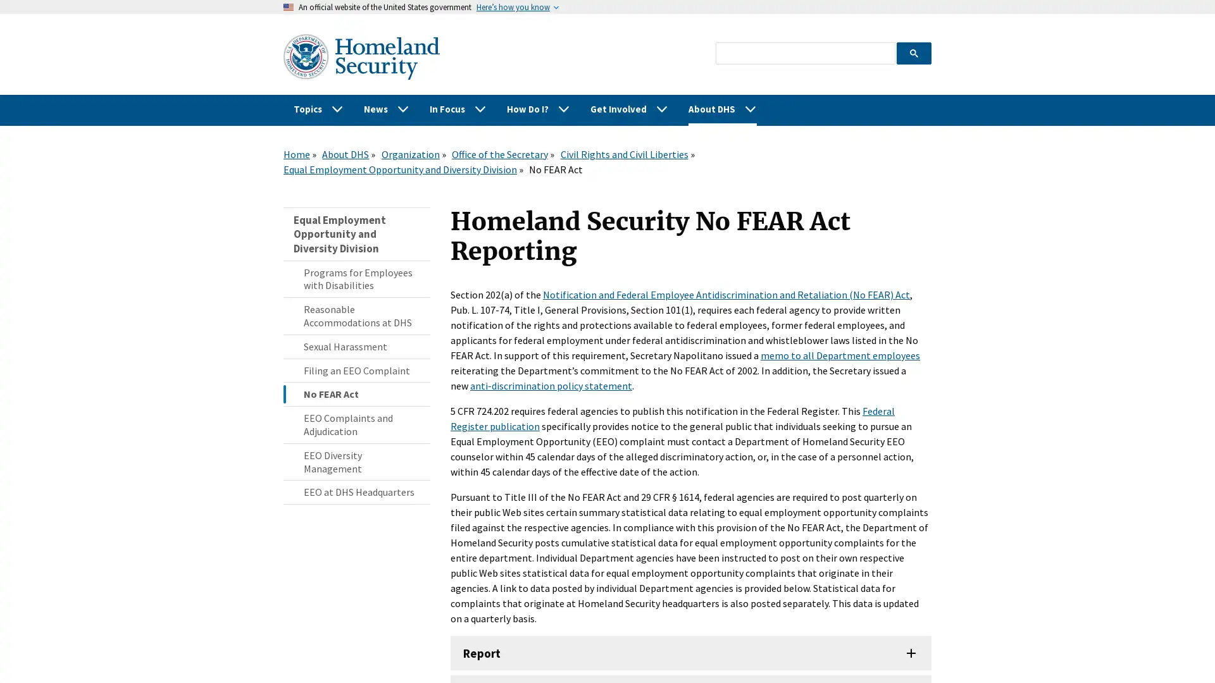  I want to click on Heres how you know, so click(513, 7).